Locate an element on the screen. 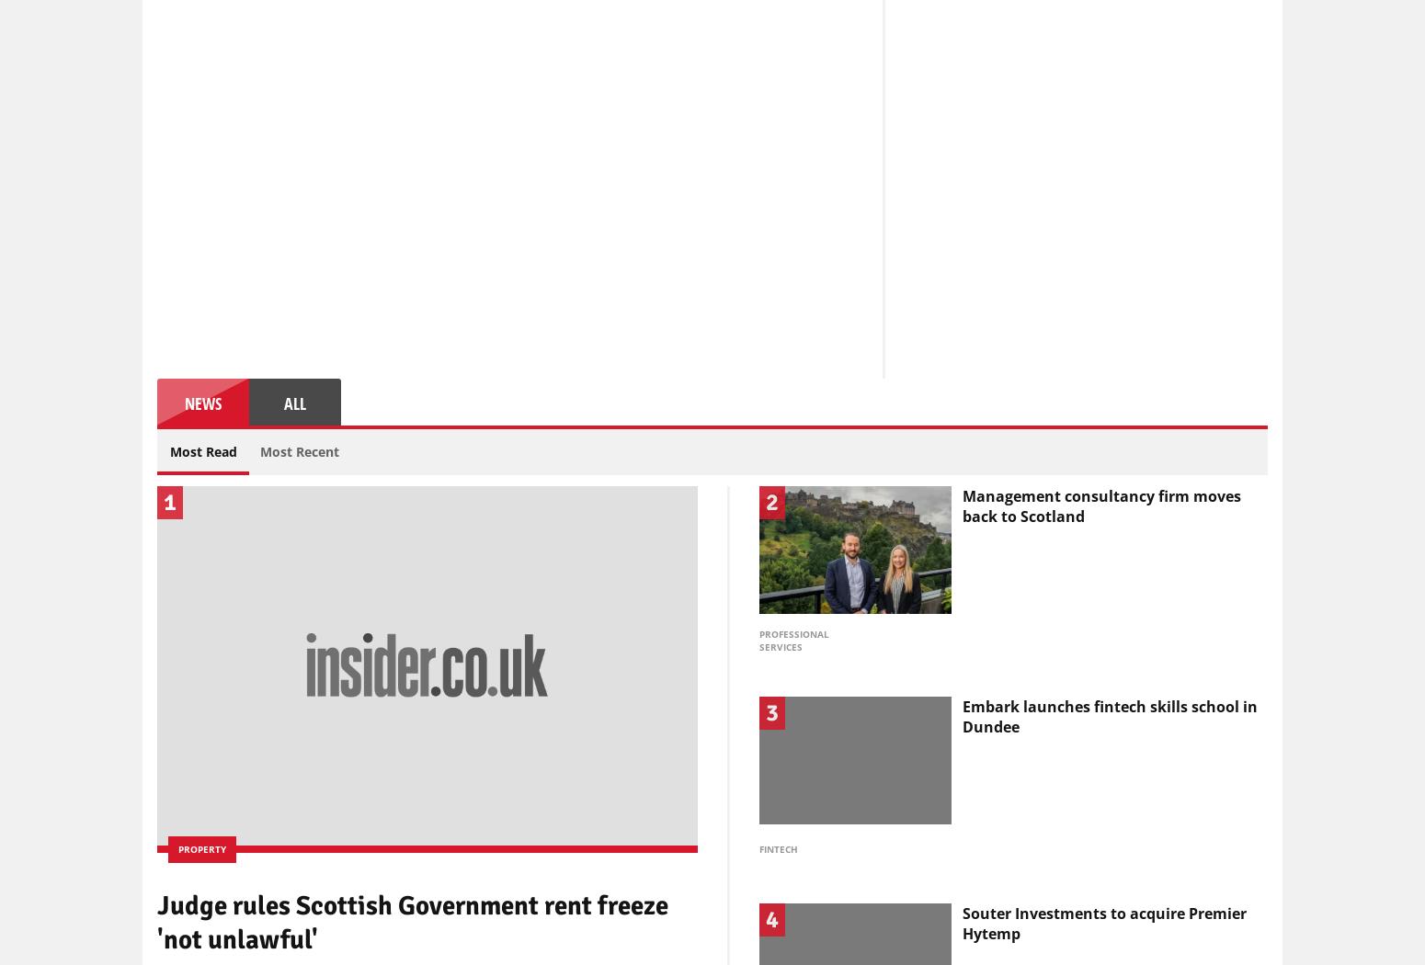 The width and height of the screenshot is (1425, 965). 'Most Recent' is located at coordinates (260, 449).